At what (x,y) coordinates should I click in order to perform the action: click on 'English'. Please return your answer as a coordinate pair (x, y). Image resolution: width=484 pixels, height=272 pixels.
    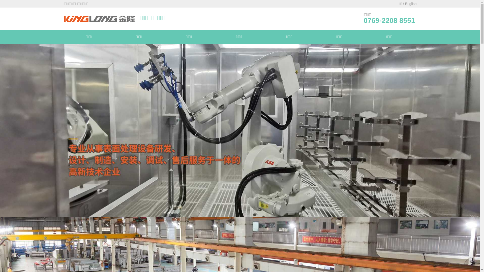
    Looking at the image, I should click on (411, 4).